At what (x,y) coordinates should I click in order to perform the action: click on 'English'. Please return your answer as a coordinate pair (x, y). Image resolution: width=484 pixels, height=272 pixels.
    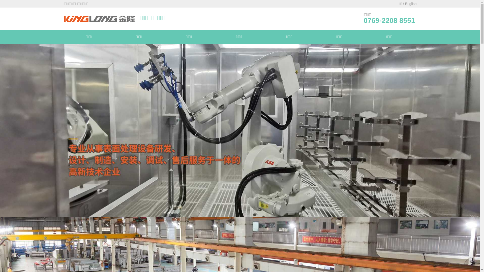
    Looking at the image, I should click on (411, 4).